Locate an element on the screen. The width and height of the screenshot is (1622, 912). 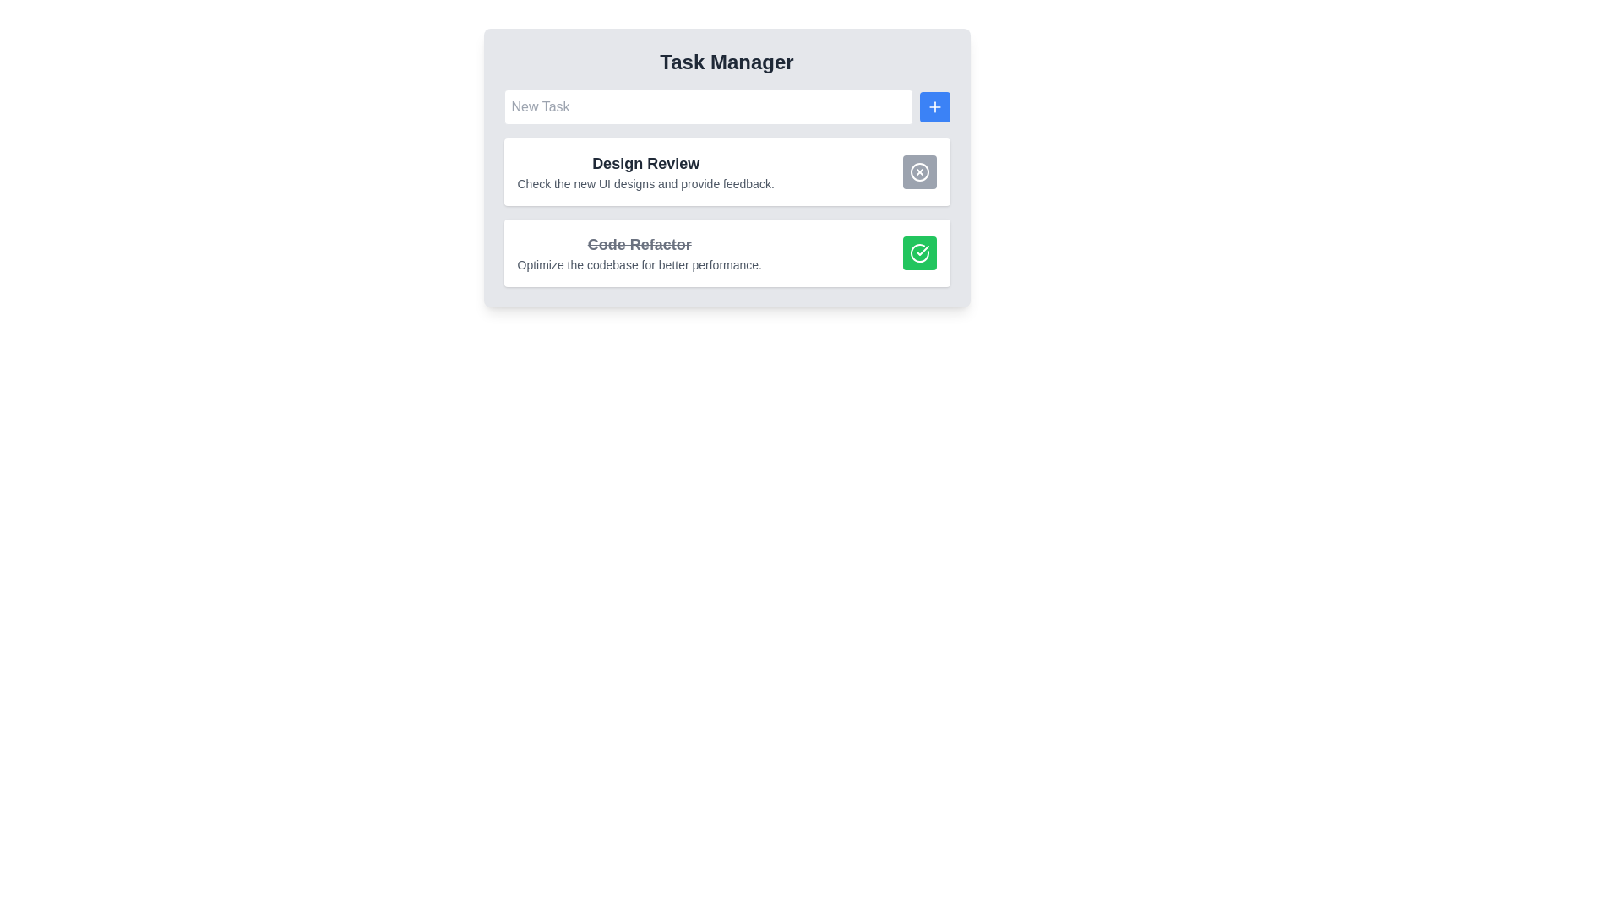
the check mark icon within the 'Code Refactor' task item, which indicates a completed or verified state is located at coordinates (921, 251).